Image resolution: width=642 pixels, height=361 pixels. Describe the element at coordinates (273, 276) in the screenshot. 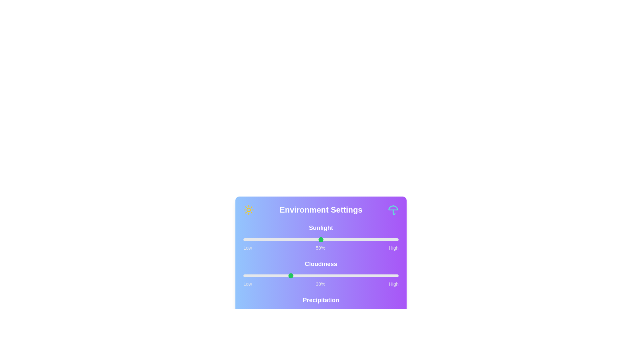

I see `the cloudiness slider to 19%` at that location.